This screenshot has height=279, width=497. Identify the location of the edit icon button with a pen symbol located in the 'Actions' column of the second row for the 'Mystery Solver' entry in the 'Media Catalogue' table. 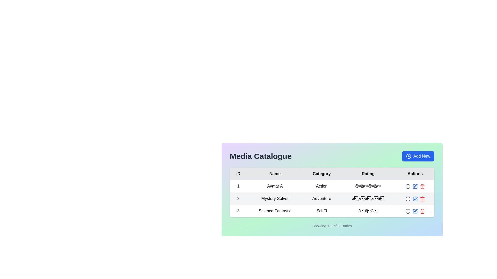
(415, 198).